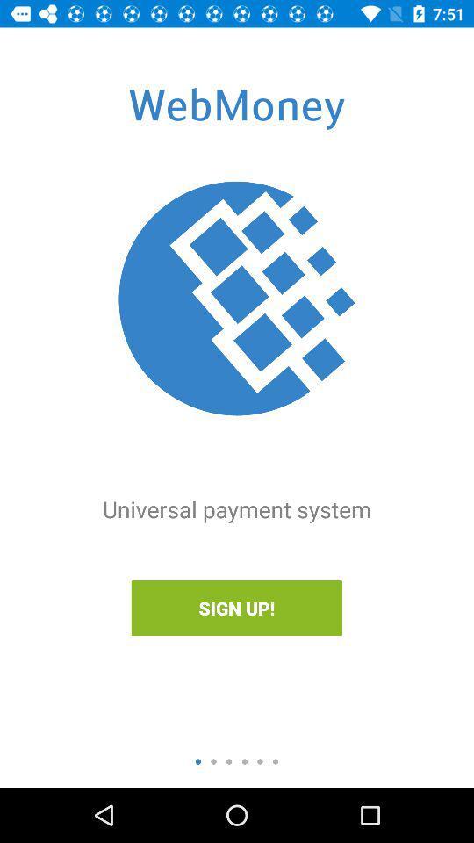  Describe the element at coordinates (236, 608) in the screenshot. I see `icon below the universal payment system` at that location.